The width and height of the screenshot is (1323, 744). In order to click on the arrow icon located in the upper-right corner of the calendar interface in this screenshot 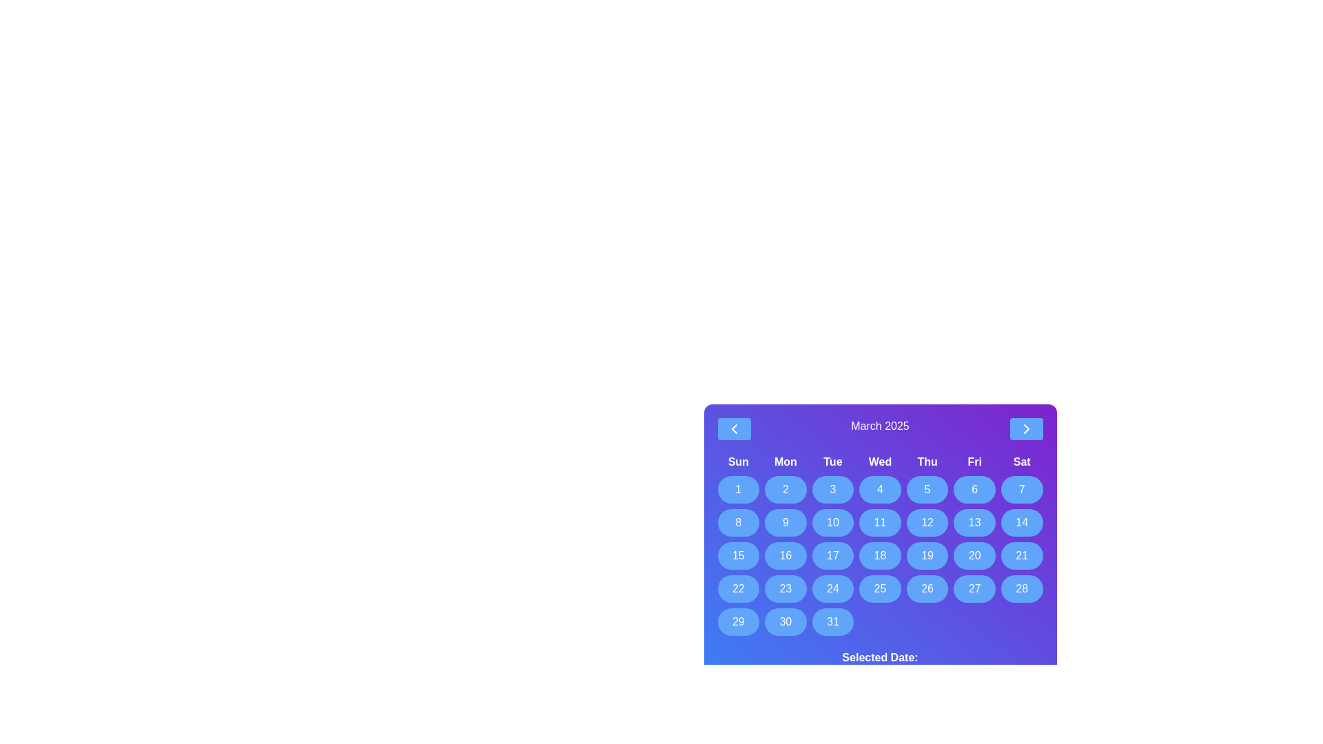, I will do `click(1026, 428)`.